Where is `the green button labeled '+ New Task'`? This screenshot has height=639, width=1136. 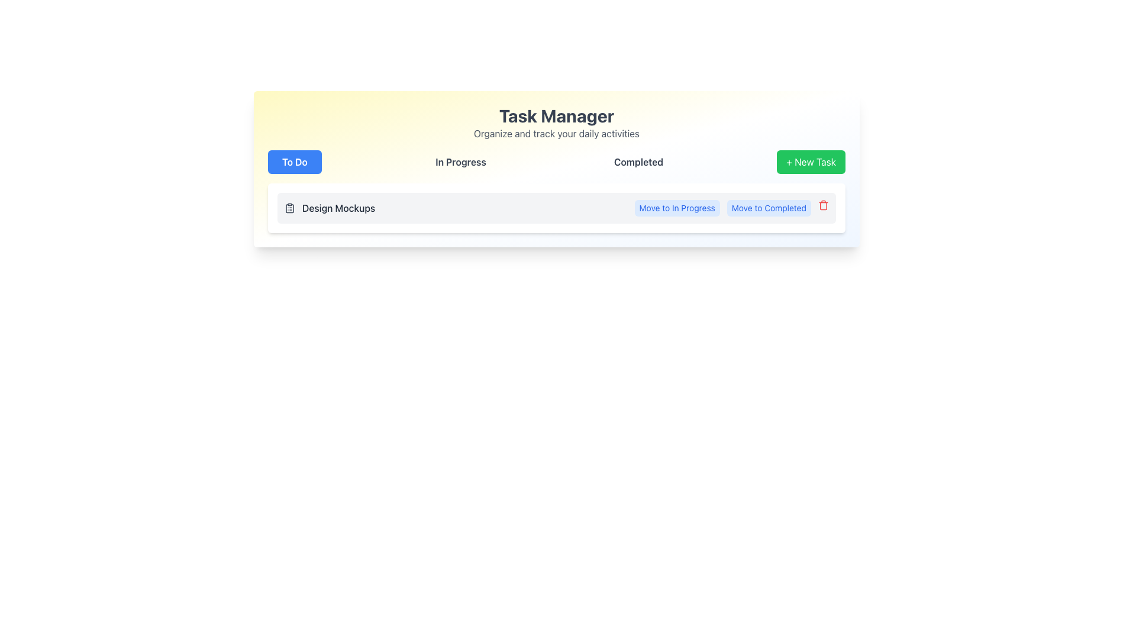 the green button labeled '+ New Task' is located at coordinates (811, 162).